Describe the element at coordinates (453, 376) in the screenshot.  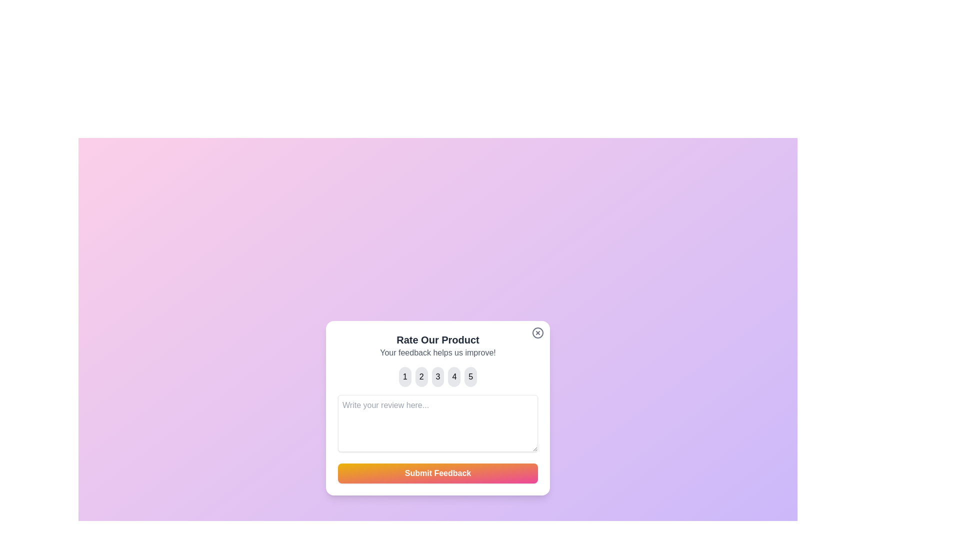
I see `the button corresponding to the rating 4` at that location.